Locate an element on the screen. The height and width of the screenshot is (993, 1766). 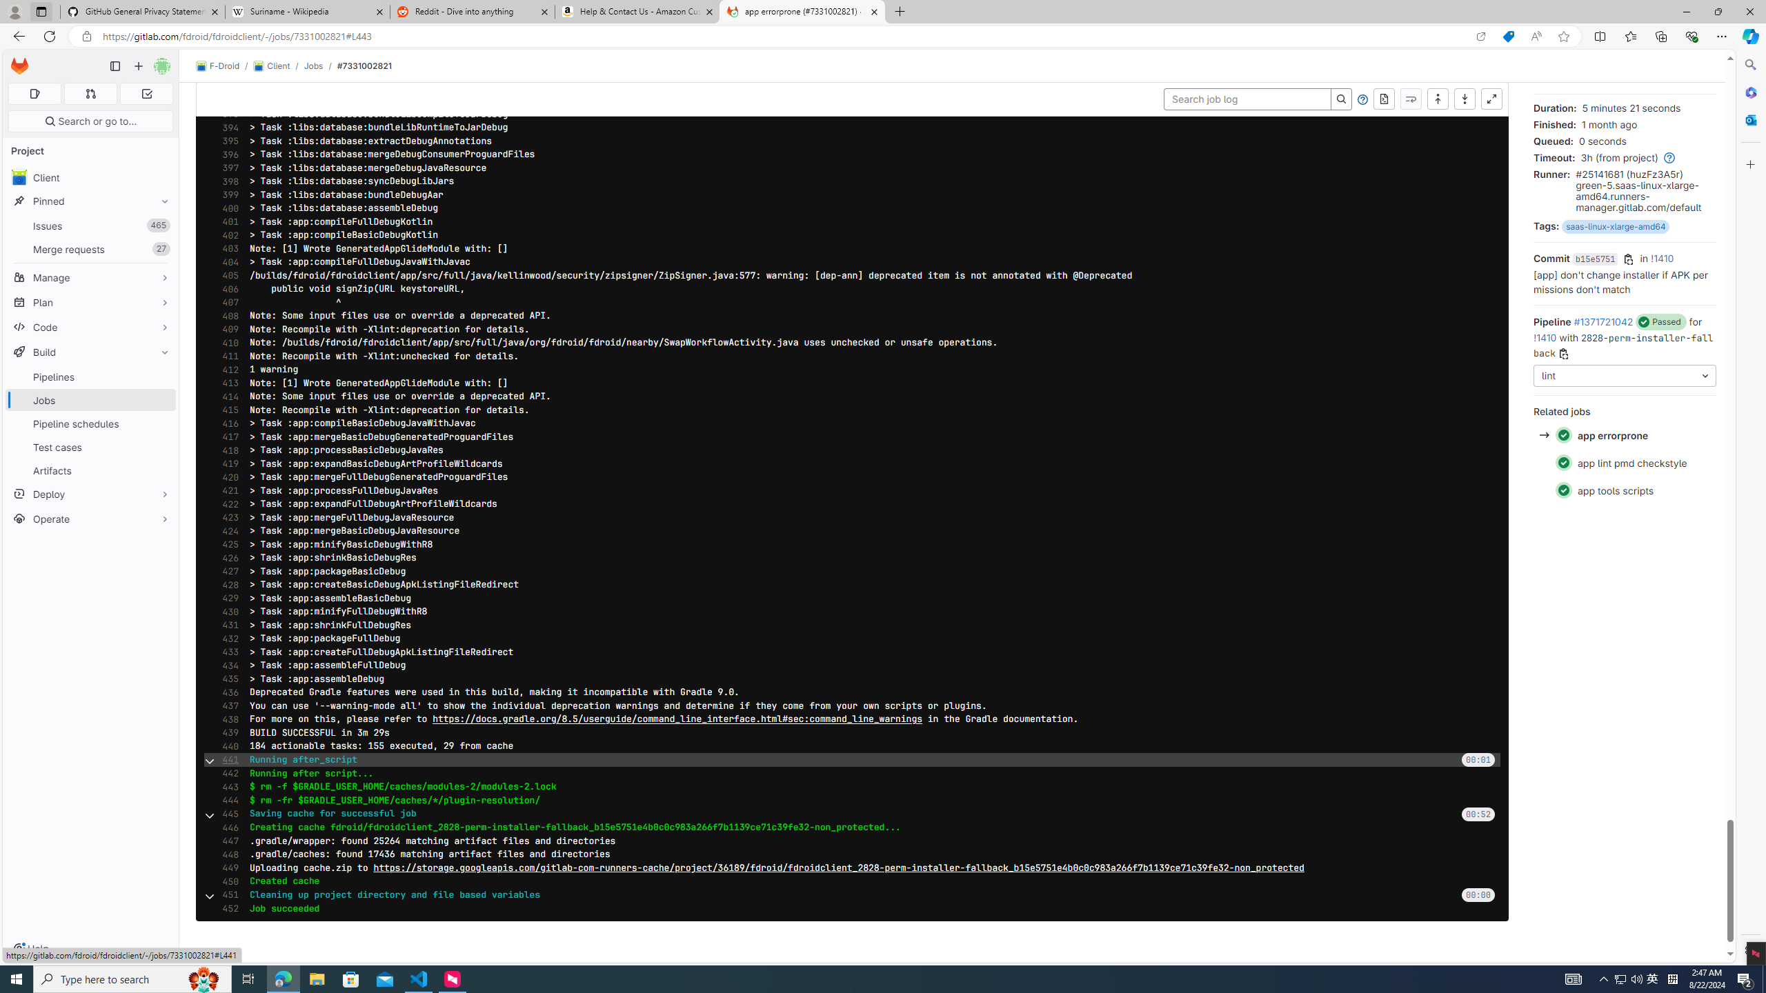
'409' is located at coordinates (226, 330).